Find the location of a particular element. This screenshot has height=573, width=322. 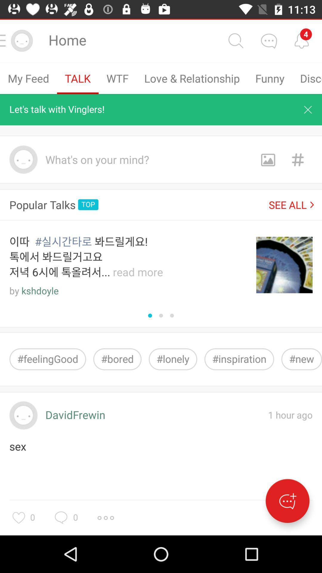

open settings menu is located at coordinates (105, 517).